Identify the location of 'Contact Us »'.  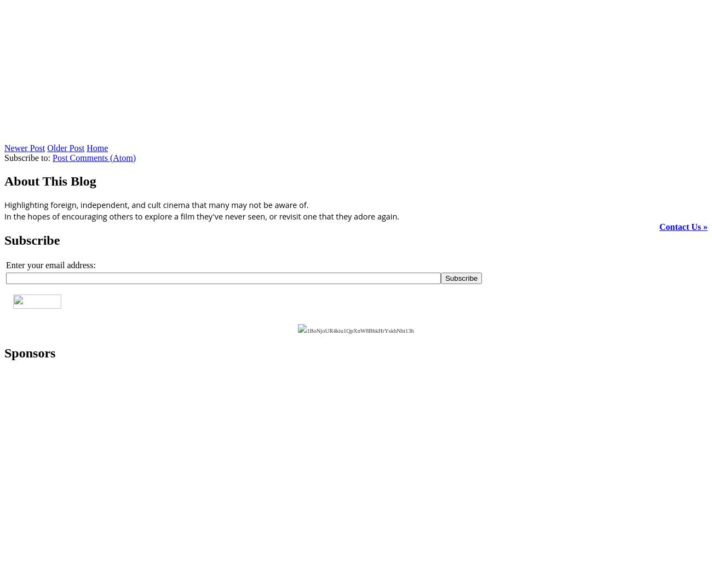
(684, 227).